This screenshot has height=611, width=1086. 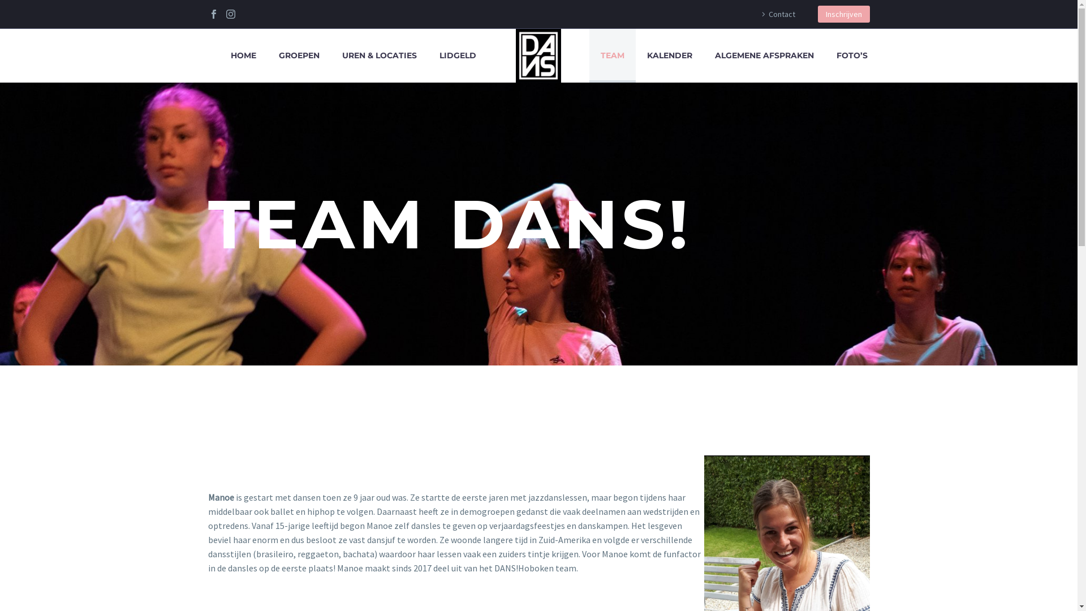 What do you see at coordinates (230, 14) in the screenshot?
I see `'Instagram'` at bounding box center [230, 14].